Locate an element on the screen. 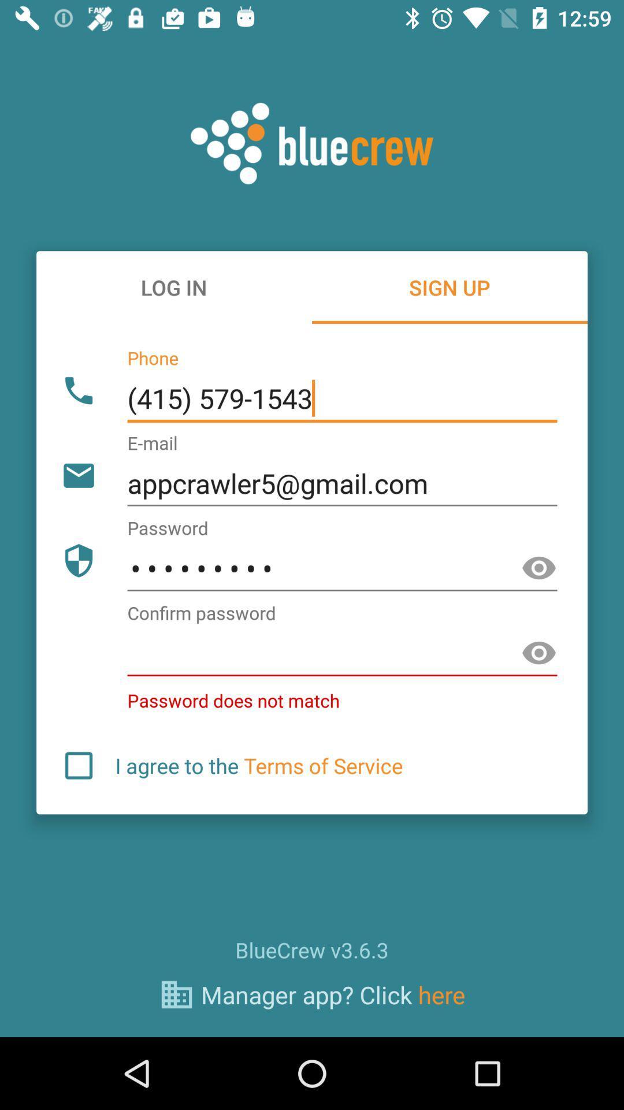 Image resolution: width=624 pixels, height=1110 pixels. password is located at coordinates (341, 654).